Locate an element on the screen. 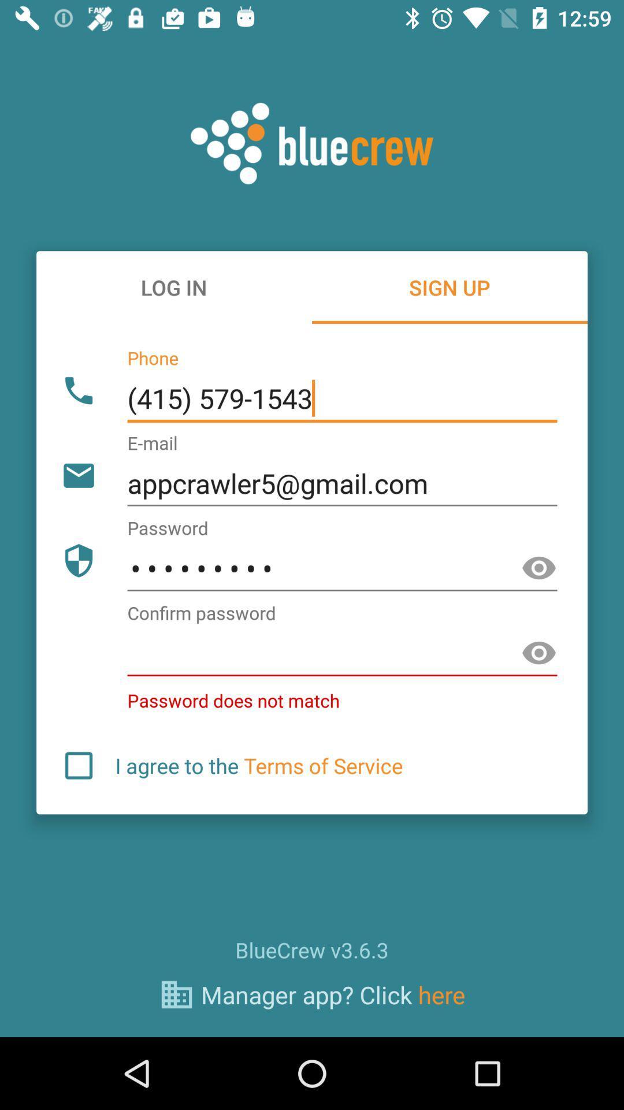 Image resolution: width=624 pixels, height=1110 pixels. password is located at coordinates (341, 654).